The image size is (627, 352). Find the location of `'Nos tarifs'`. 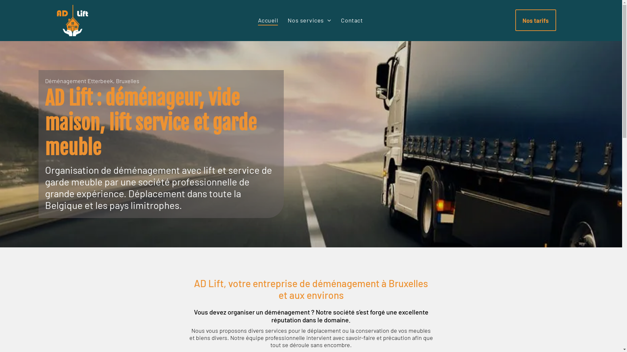

'Nos tarifs' is located at coordinates (536, 20).